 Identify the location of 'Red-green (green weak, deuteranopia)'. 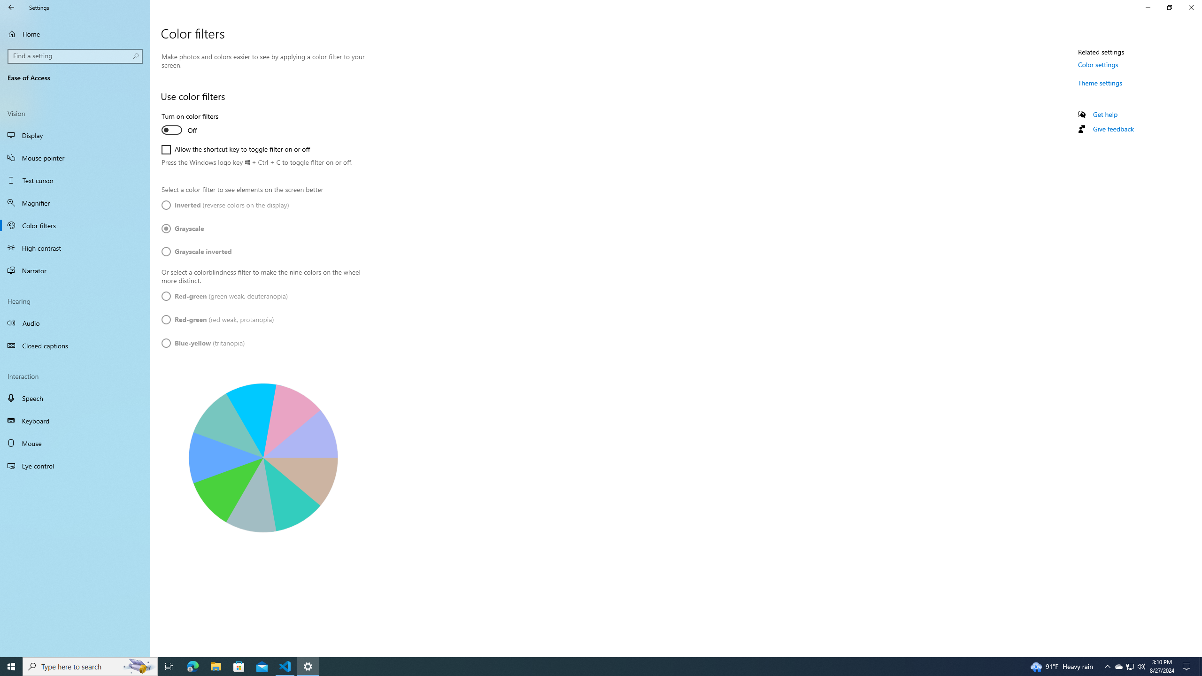
(224, 296).